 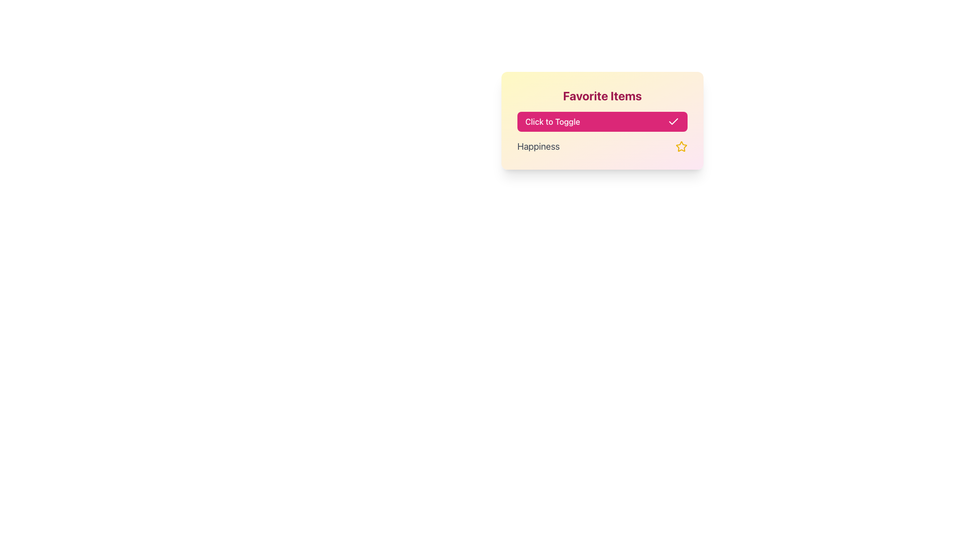 What do you see at coordinates (681, 146) in the screenshot?
I see `the star icon located at the right edge of the 'Happiness' row` at bounding box center [681, 146].